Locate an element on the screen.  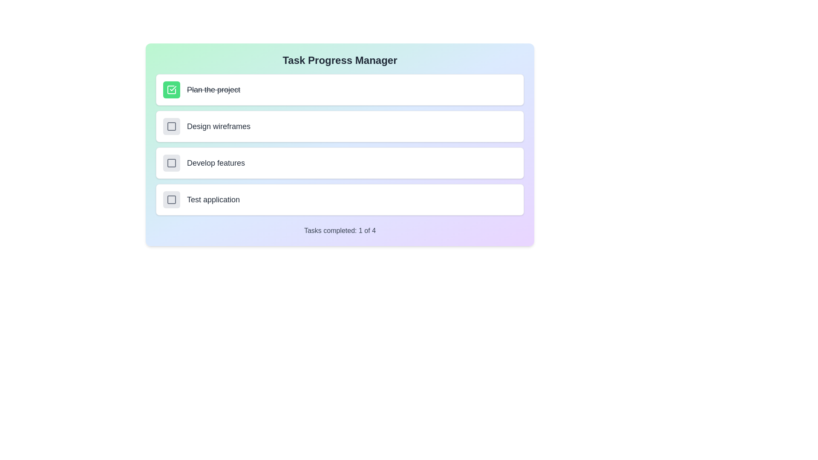
the static text label located in the second list item of a vertical list, positioned to the right of a checkbox icon is located at coordinates (219, 126).